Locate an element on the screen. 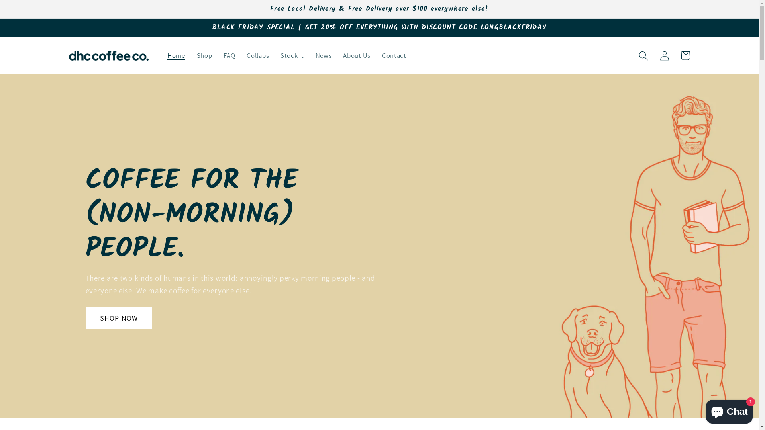  'Stock It' is located at coordinates (292, 55).